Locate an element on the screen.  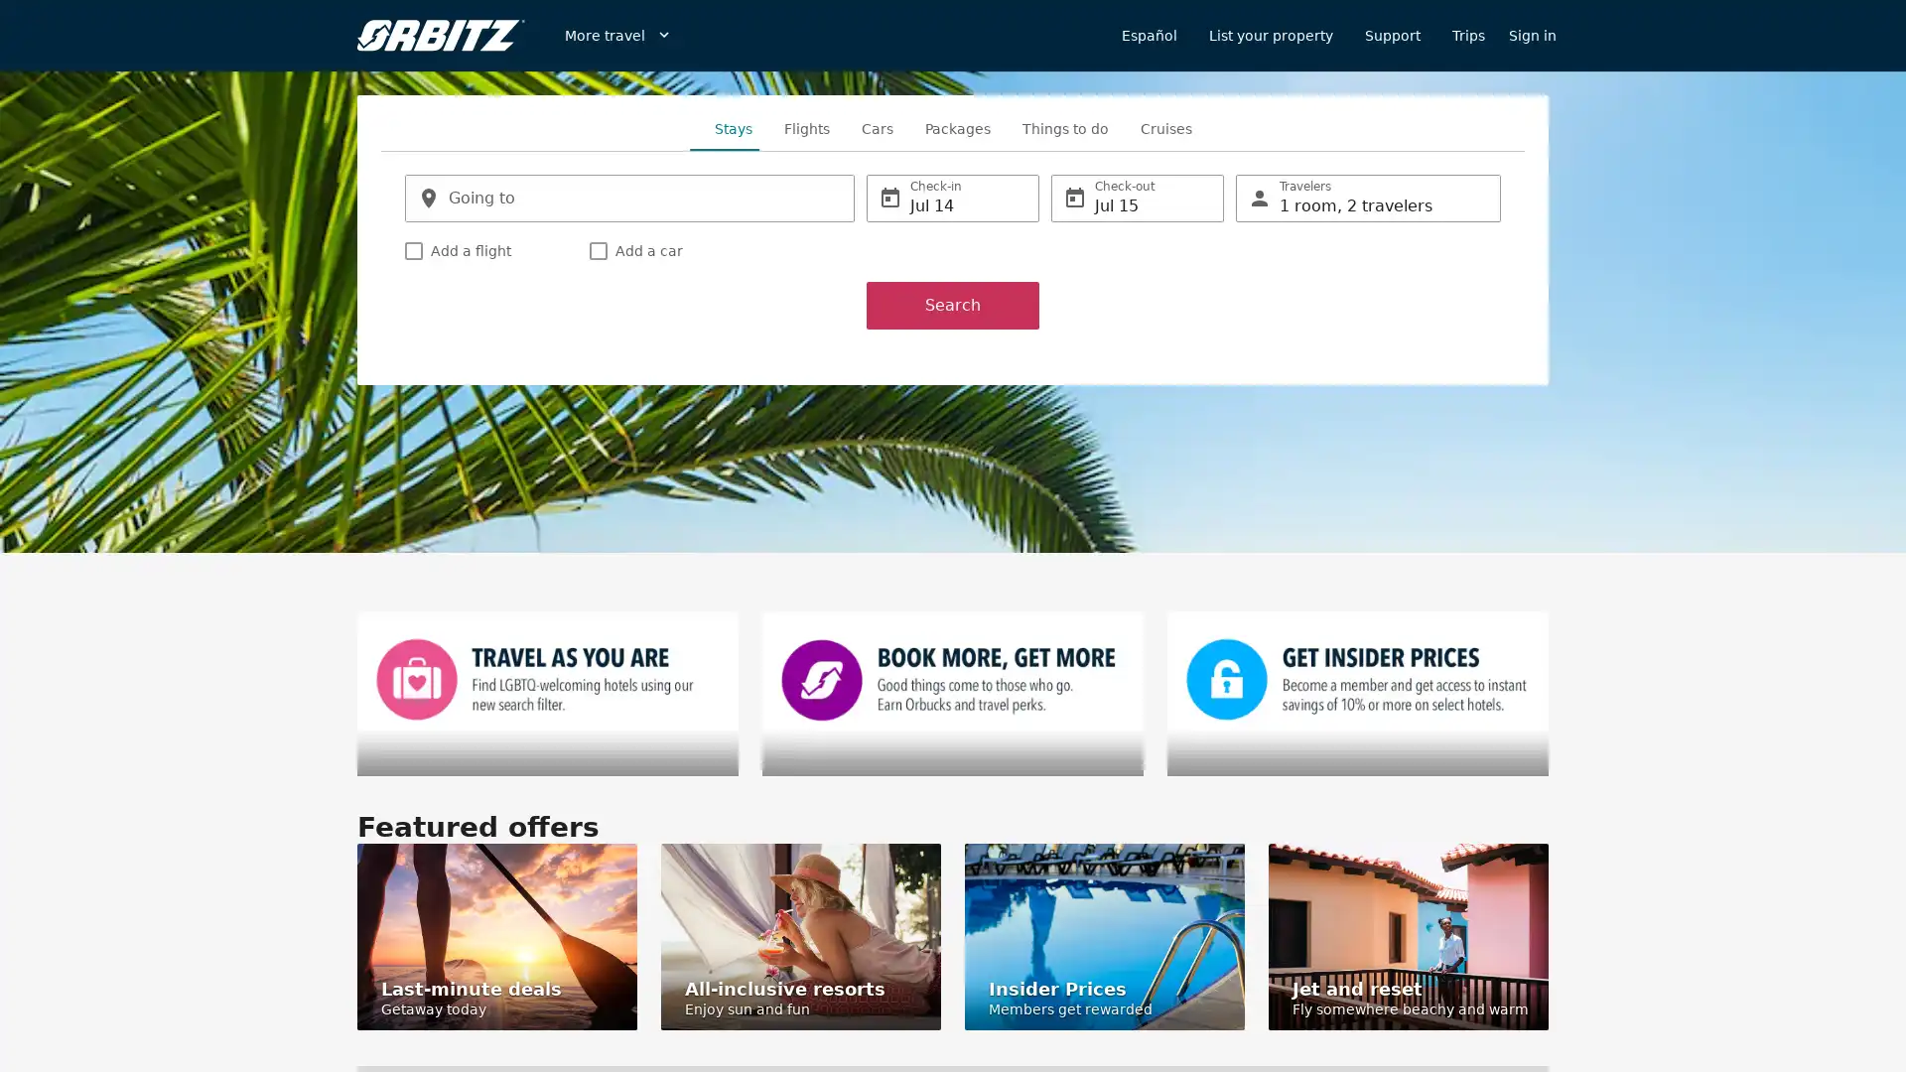
Search is located at coordinates (953, 305).